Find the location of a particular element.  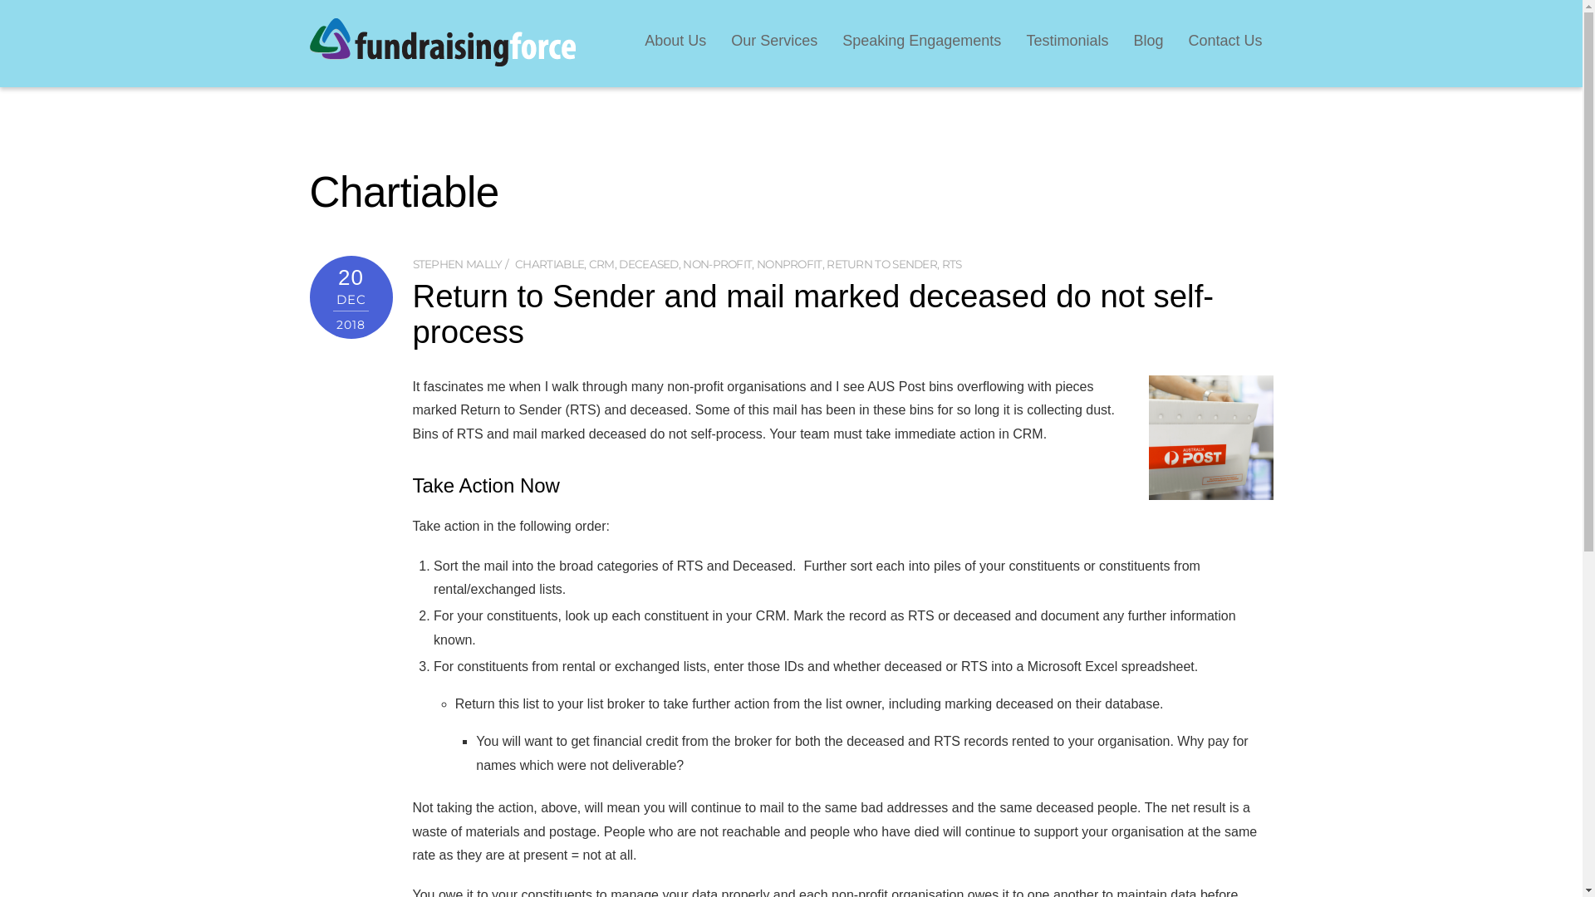

'NON-PROFIT' is located at coordinates (717, 262).